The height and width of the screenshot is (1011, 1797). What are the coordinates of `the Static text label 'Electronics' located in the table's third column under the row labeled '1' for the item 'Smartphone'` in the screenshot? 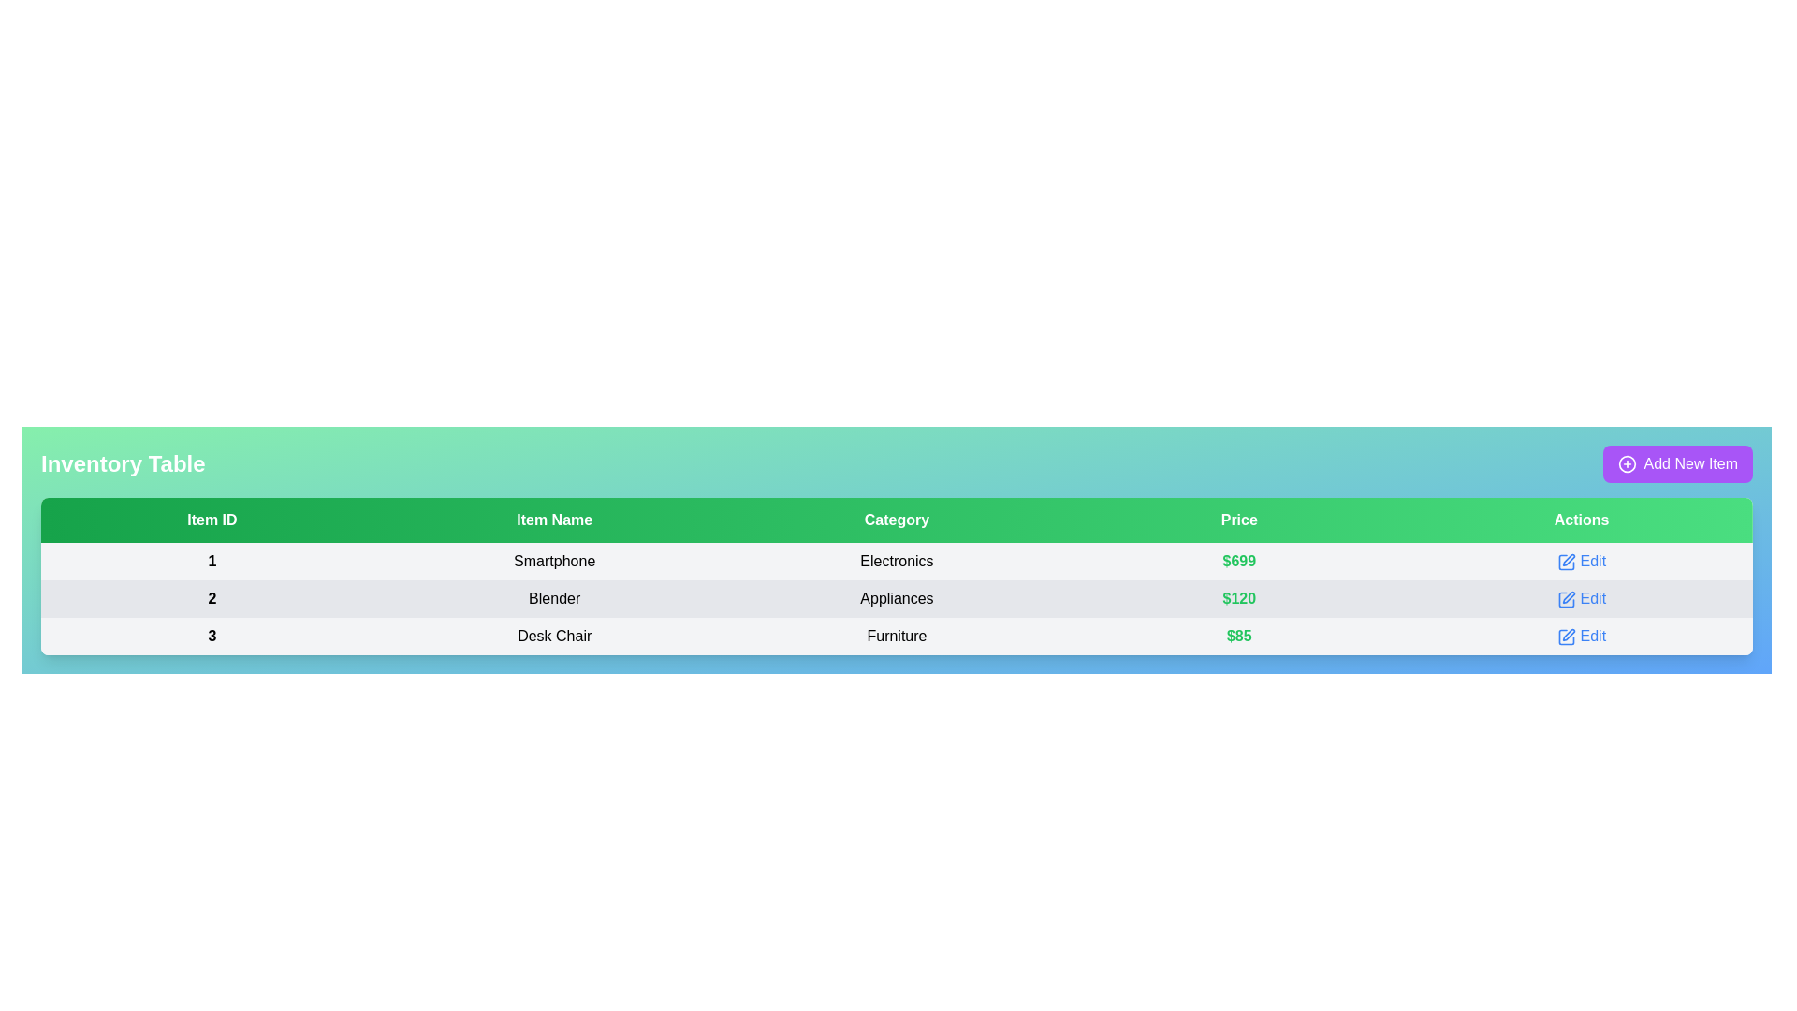 It's located at (896, 561).